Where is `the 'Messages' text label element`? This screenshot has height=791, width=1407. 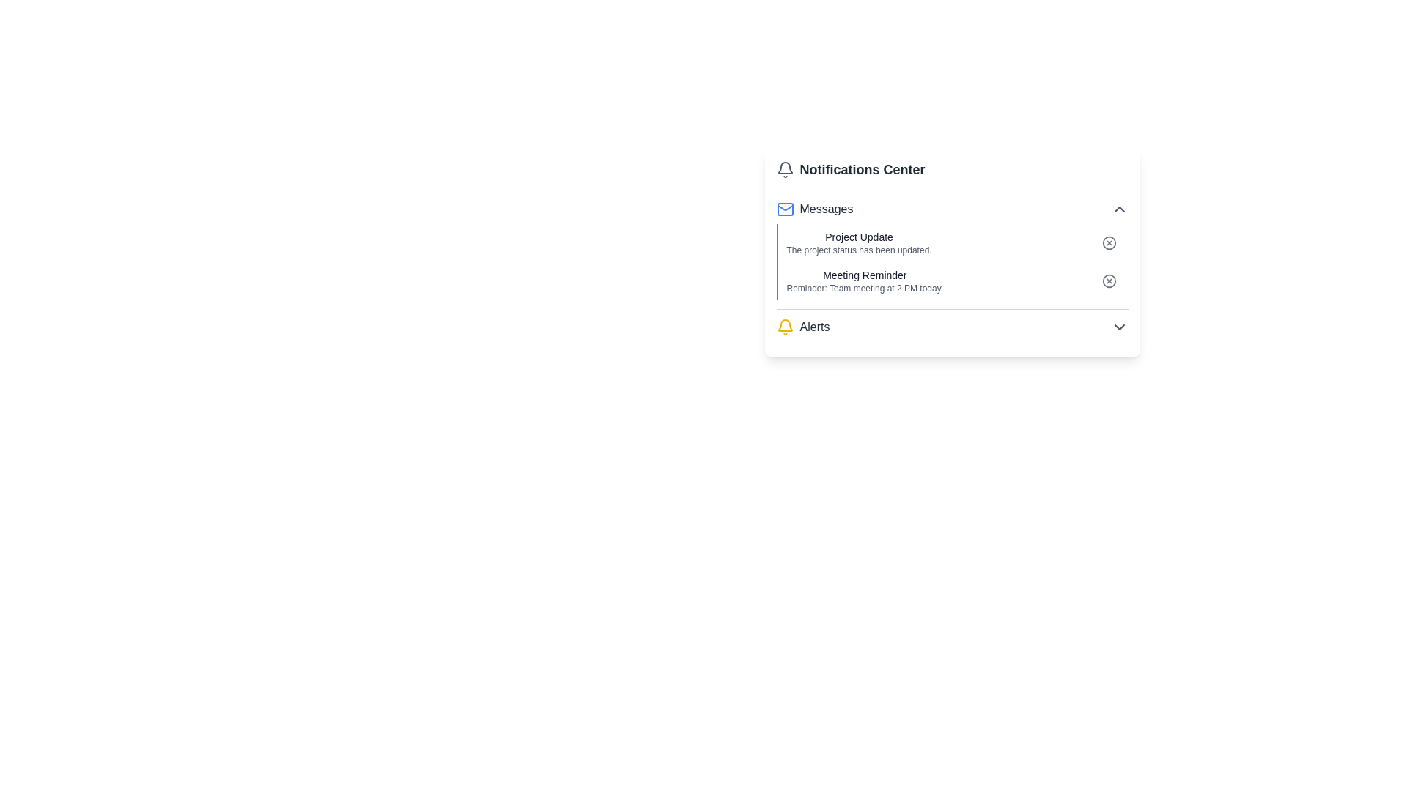
the 'Messages' text label element is located at coordinates (827, 209).